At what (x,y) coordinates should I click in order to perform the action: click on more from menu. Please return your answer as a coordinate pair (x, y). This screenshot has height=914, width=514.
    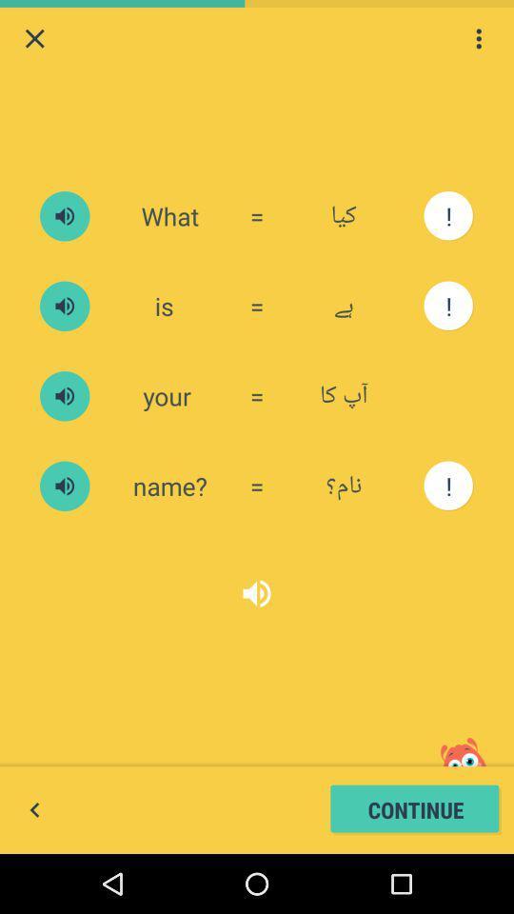
    Looking at the image, I should click on (478, 37).